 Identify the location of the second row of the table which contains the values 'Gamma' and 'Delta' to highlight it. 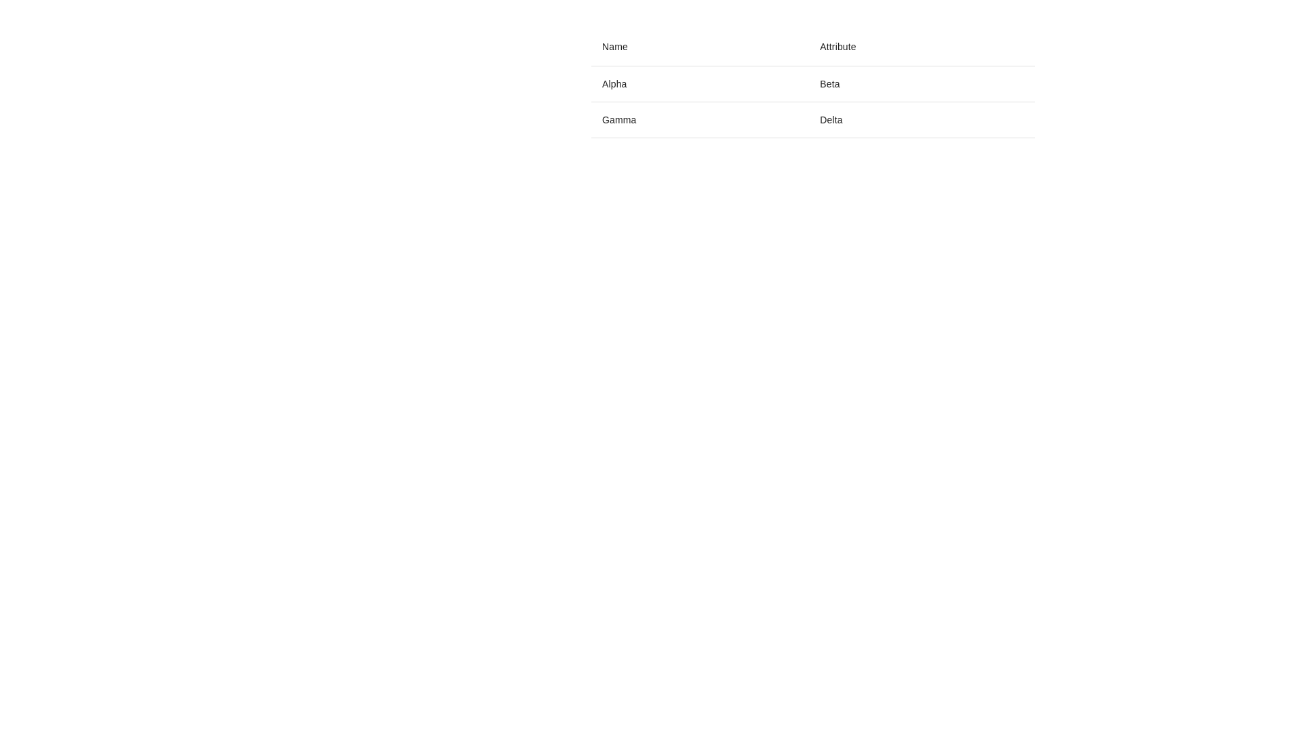
(813, 119).